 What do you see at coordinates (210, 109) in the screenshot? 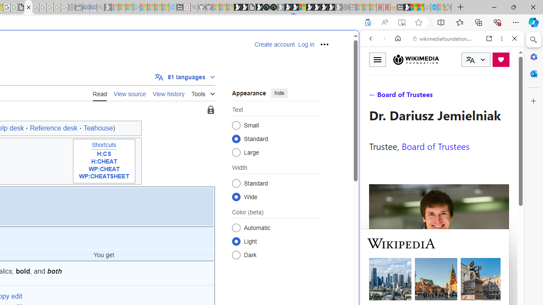
I see `'Page semi-protected'` at bounding box center [210, 109].